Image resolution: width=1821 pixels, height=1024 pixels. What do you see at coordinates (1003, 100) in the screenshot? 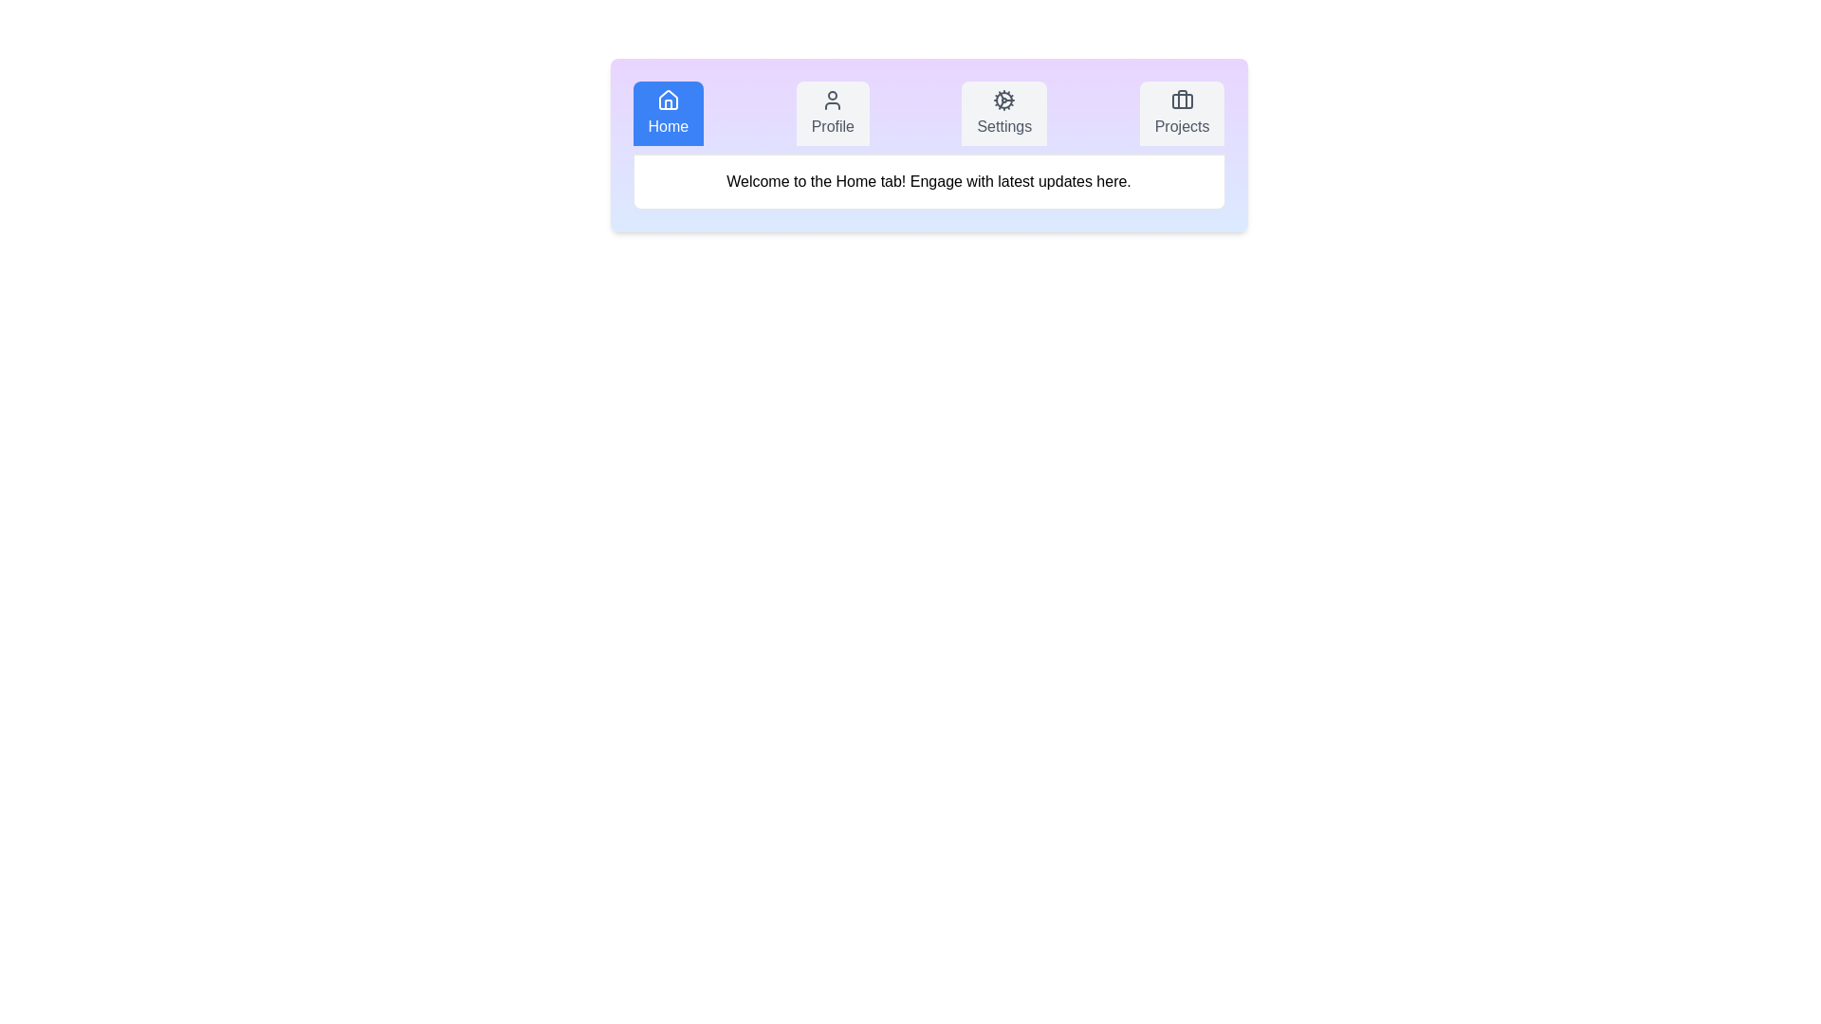
I see `the 'Settings' tab represented by the cogwheel icon, which is the third item from the left in the horizontal navigation bar` at bounding box center [1003, 100].